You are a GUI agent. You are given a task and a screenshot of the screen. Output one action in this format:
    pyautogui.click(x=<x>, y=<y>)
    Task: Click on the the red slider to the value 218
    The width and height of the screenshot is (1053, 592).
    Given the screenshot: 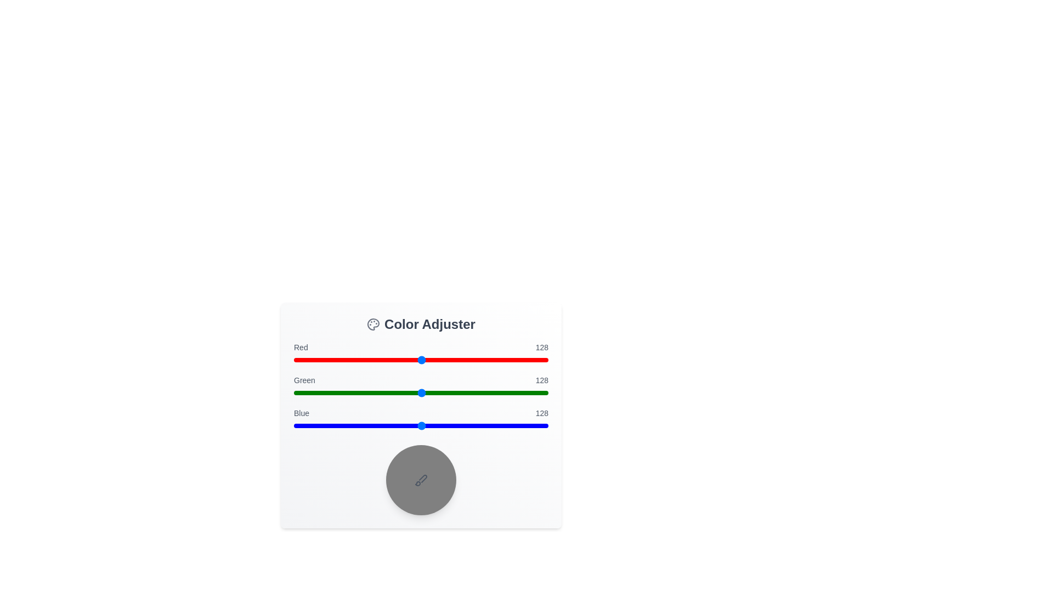 What is the action you would take?
    pyautogui.click(x=511, y=360)
    